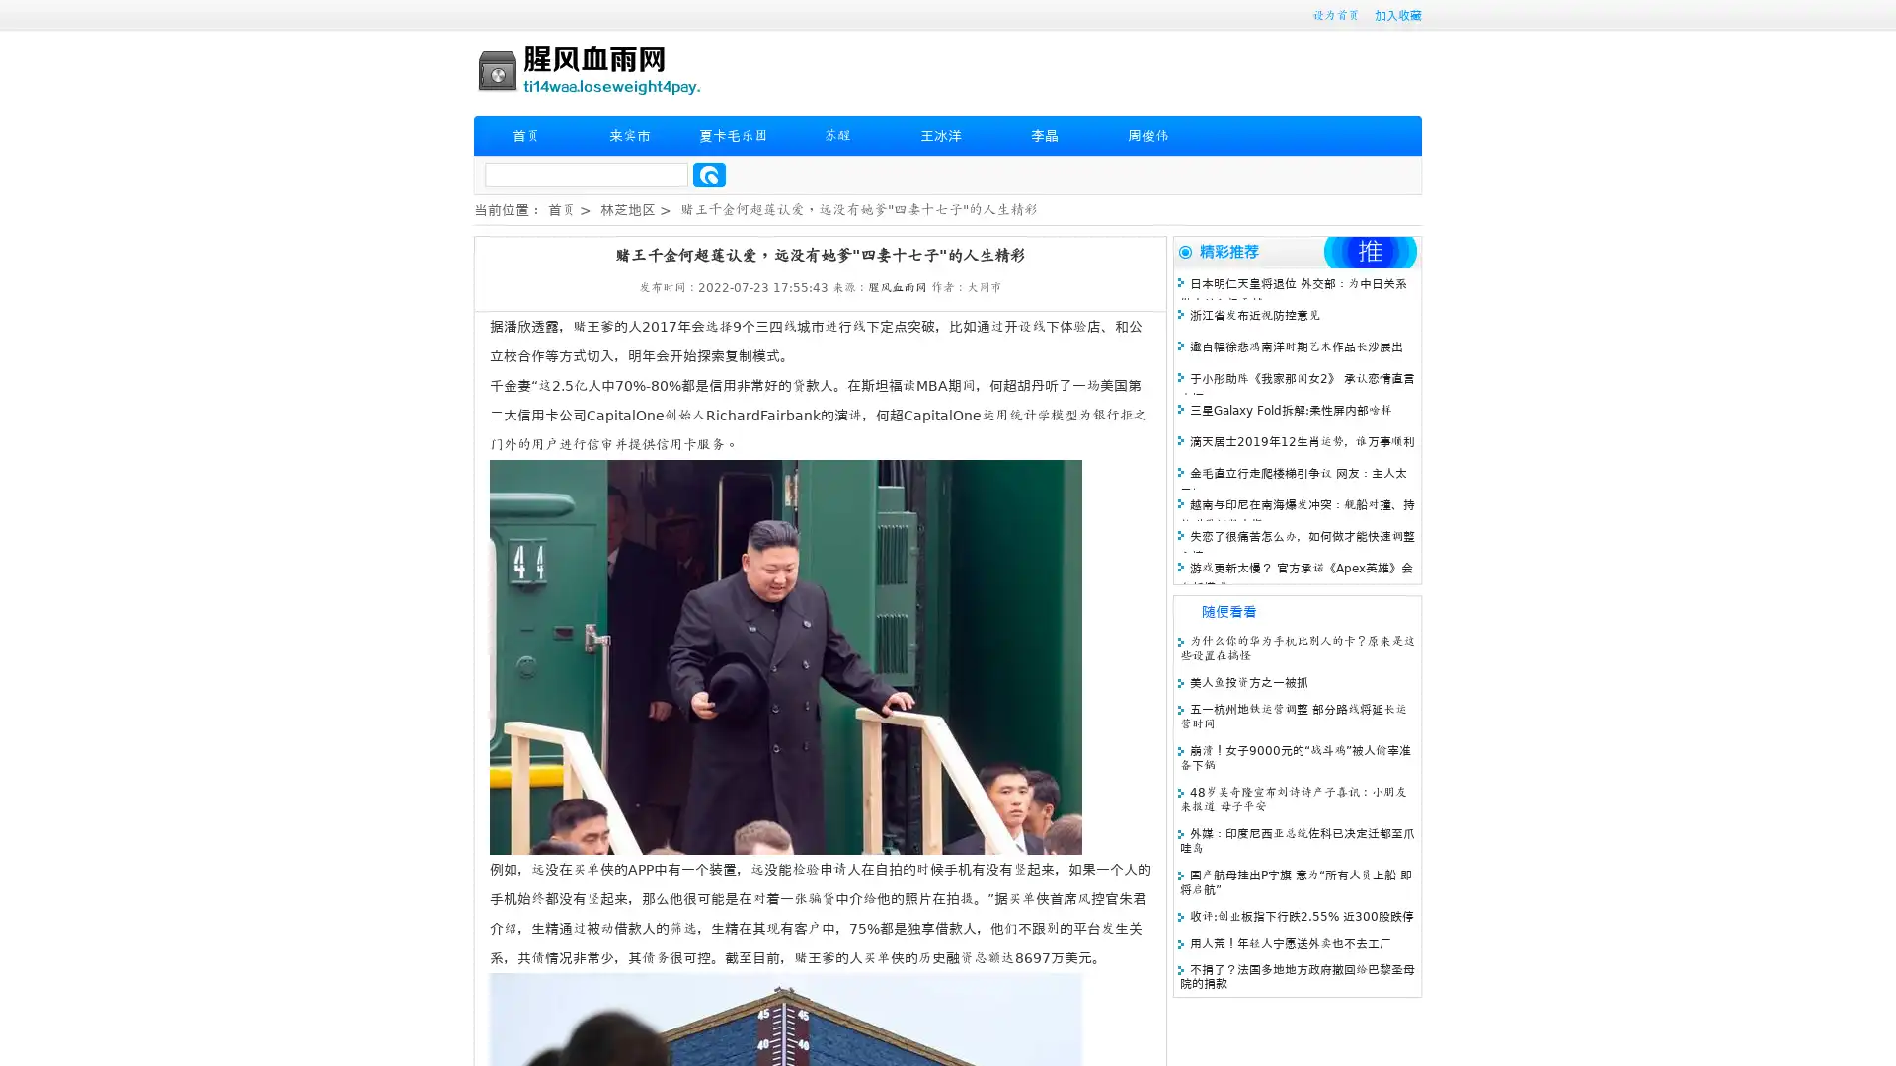 This screenshot has width=1896, height=1066. What do you see at coordinates (709, 174) in the screenshot?
I see `Search` at bounding box center [709, 174].